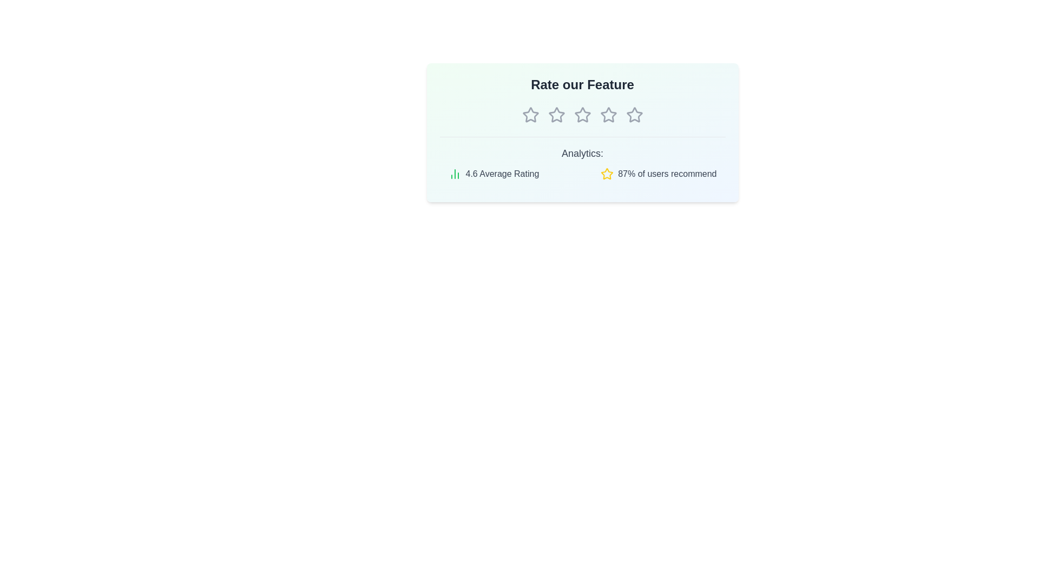 This screenshot has width=1039, height=584. I want to click on the star corresponding to 5 stars to preview the rating, so click(634, 115).